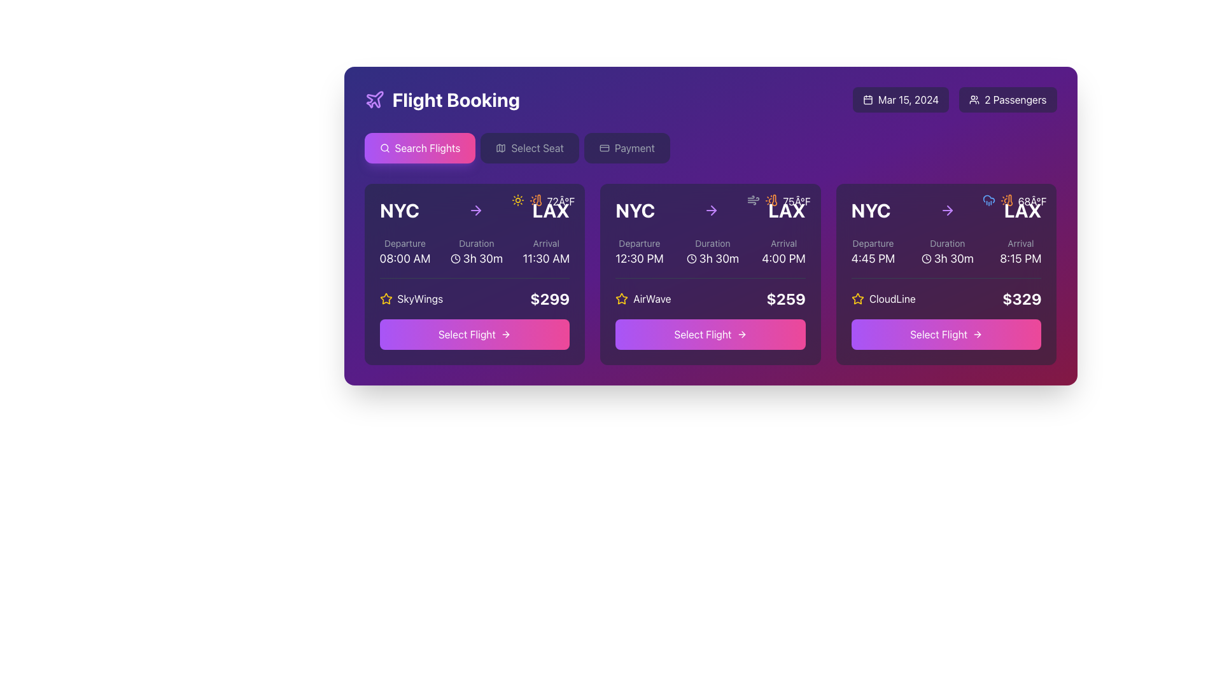 This screenshot has height=687, width=1222. I want to click on the clock icon located to the left of the text '3h 30m' in the flight information card for the flight departing at 12:30 PM and arriving at 4:00 PM, so click(691, 258).